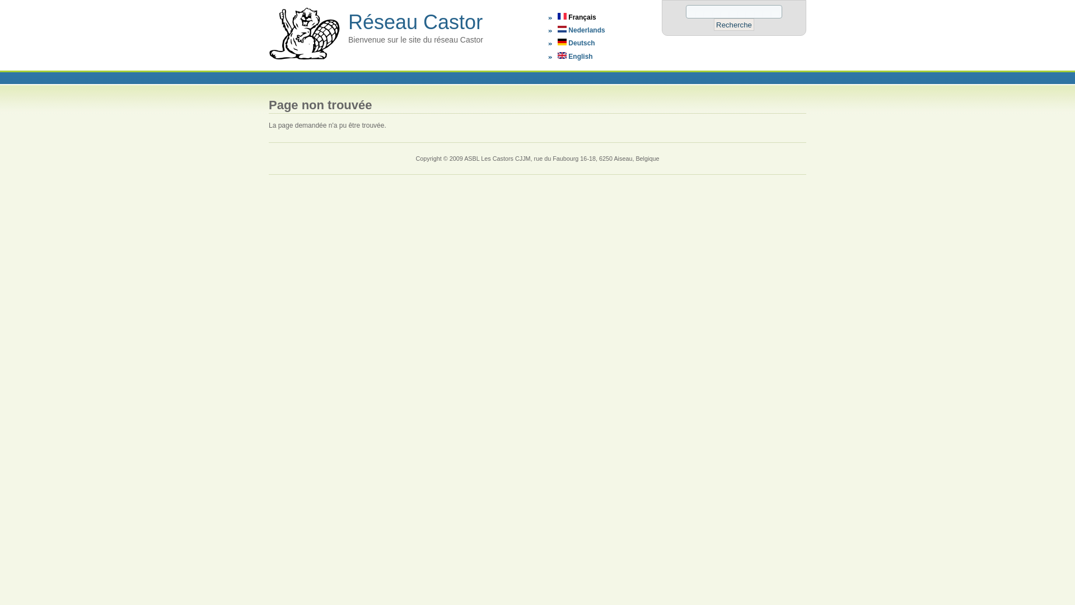 This screenshot has height=605, width=1075. I want to click on 'Nederlands', so click(581, 30).